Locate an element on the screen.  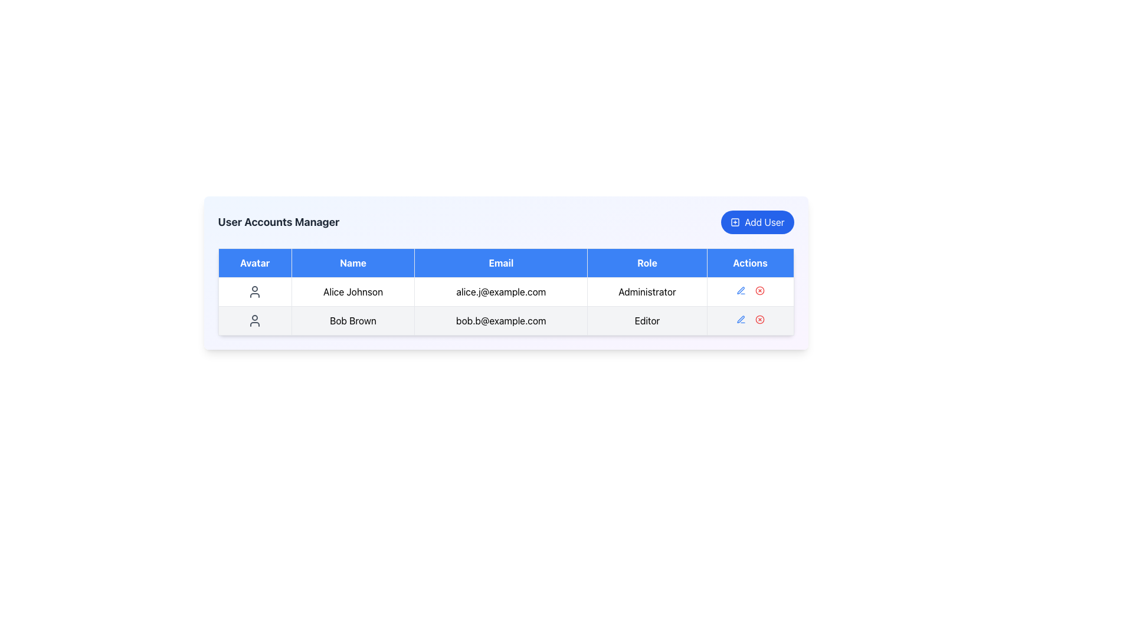
the Static text header cell labeled 'Email' in the table, which has a blue background and bold white text, located between the 'Name' and 'Role' cells is located at coordinates (501, 262).